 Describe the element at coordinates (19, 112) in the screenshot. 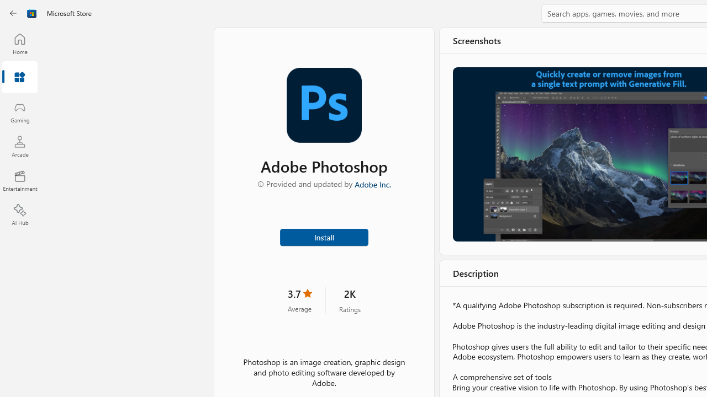

I see `'Gaming'` at that location.